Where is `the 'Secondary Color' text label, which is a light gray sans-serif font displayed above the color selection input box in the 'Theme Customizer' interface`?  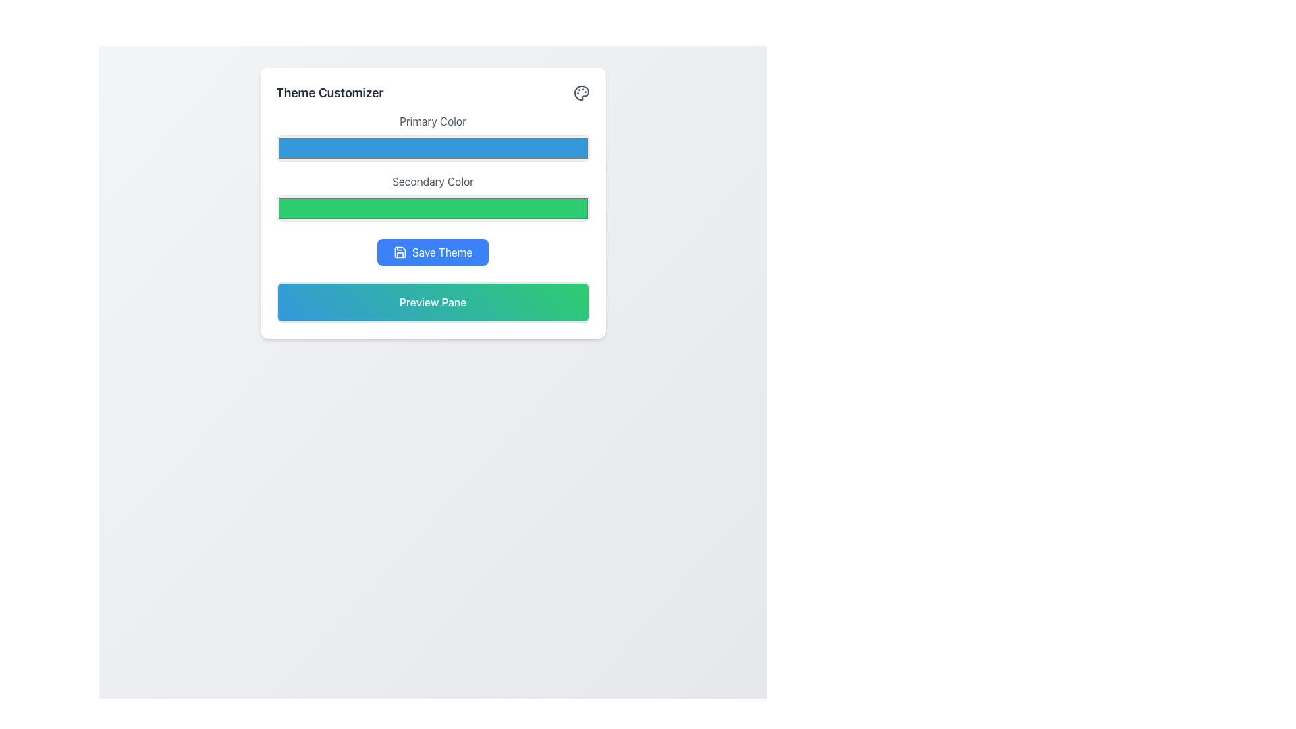 the 'Secondary Color' text label, which is a light gray sans-serif font displayed above the color selection input box in the 'Theme Customizer' interface is located at coordinates (433, 181).